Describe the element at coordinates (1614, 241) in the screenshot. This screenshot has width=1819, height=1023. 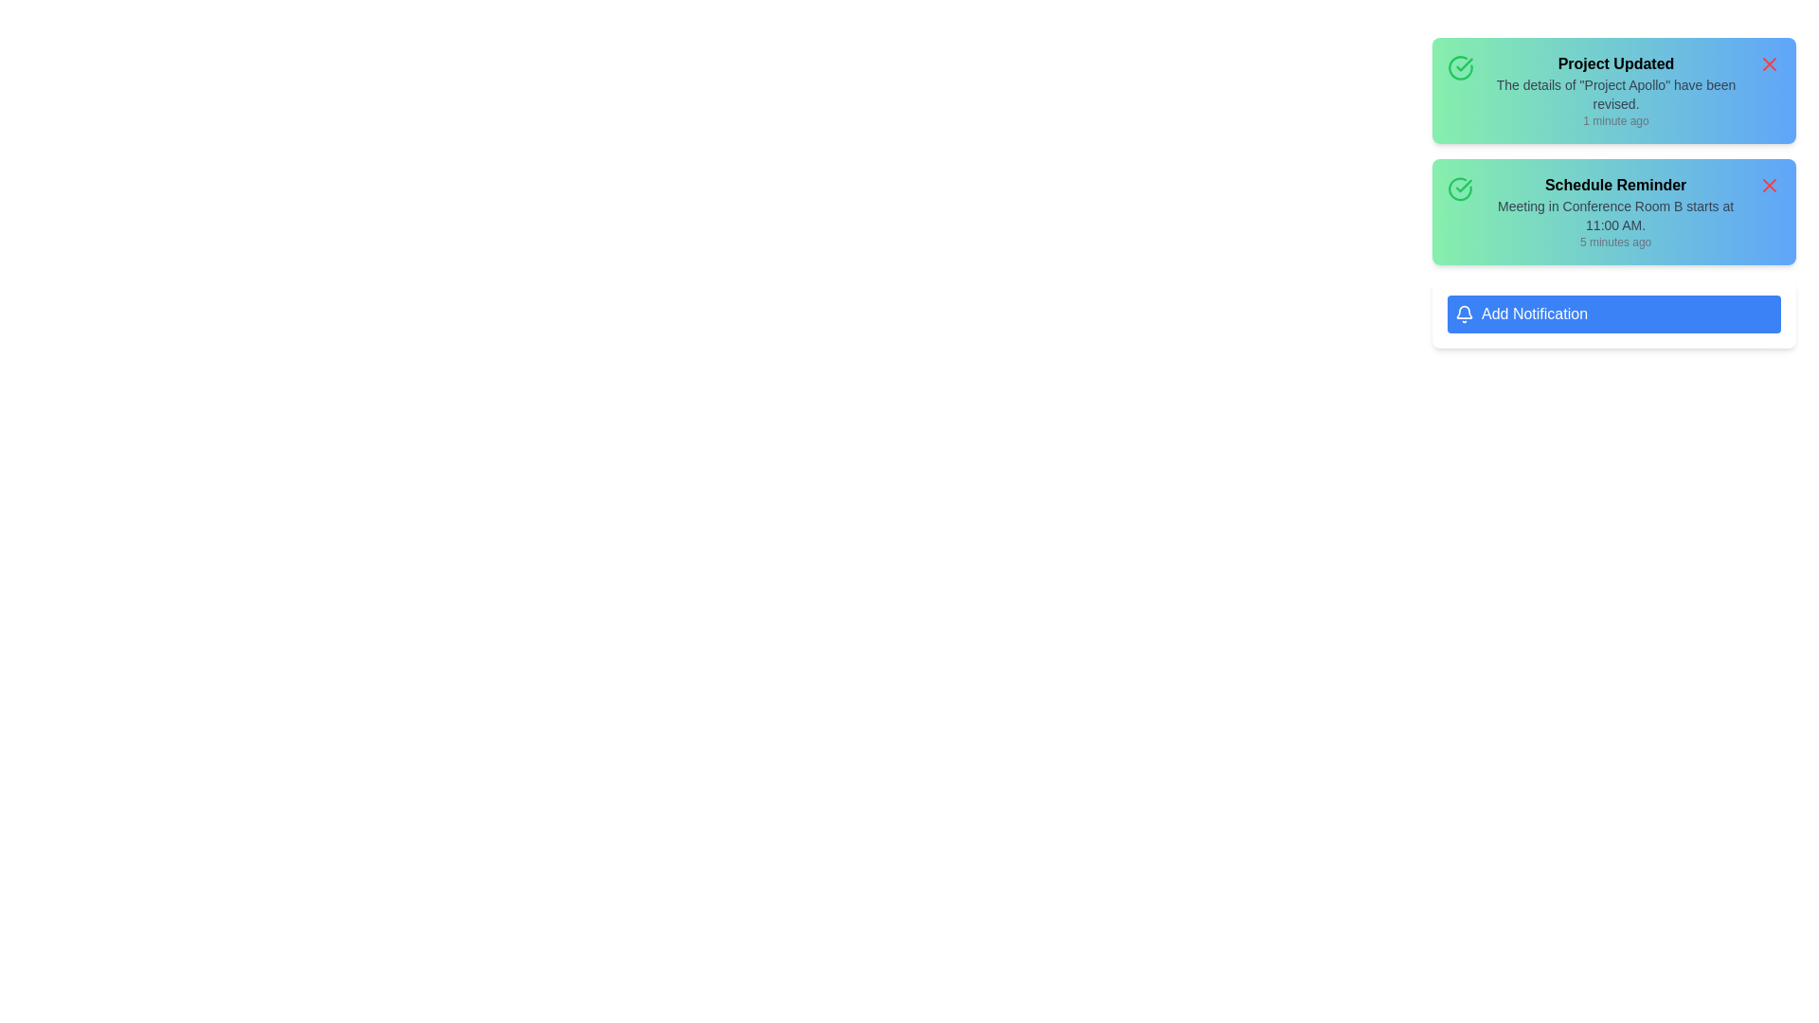
I see `the timestamp of the notification titled 'Schedule Reminder'` at that location.